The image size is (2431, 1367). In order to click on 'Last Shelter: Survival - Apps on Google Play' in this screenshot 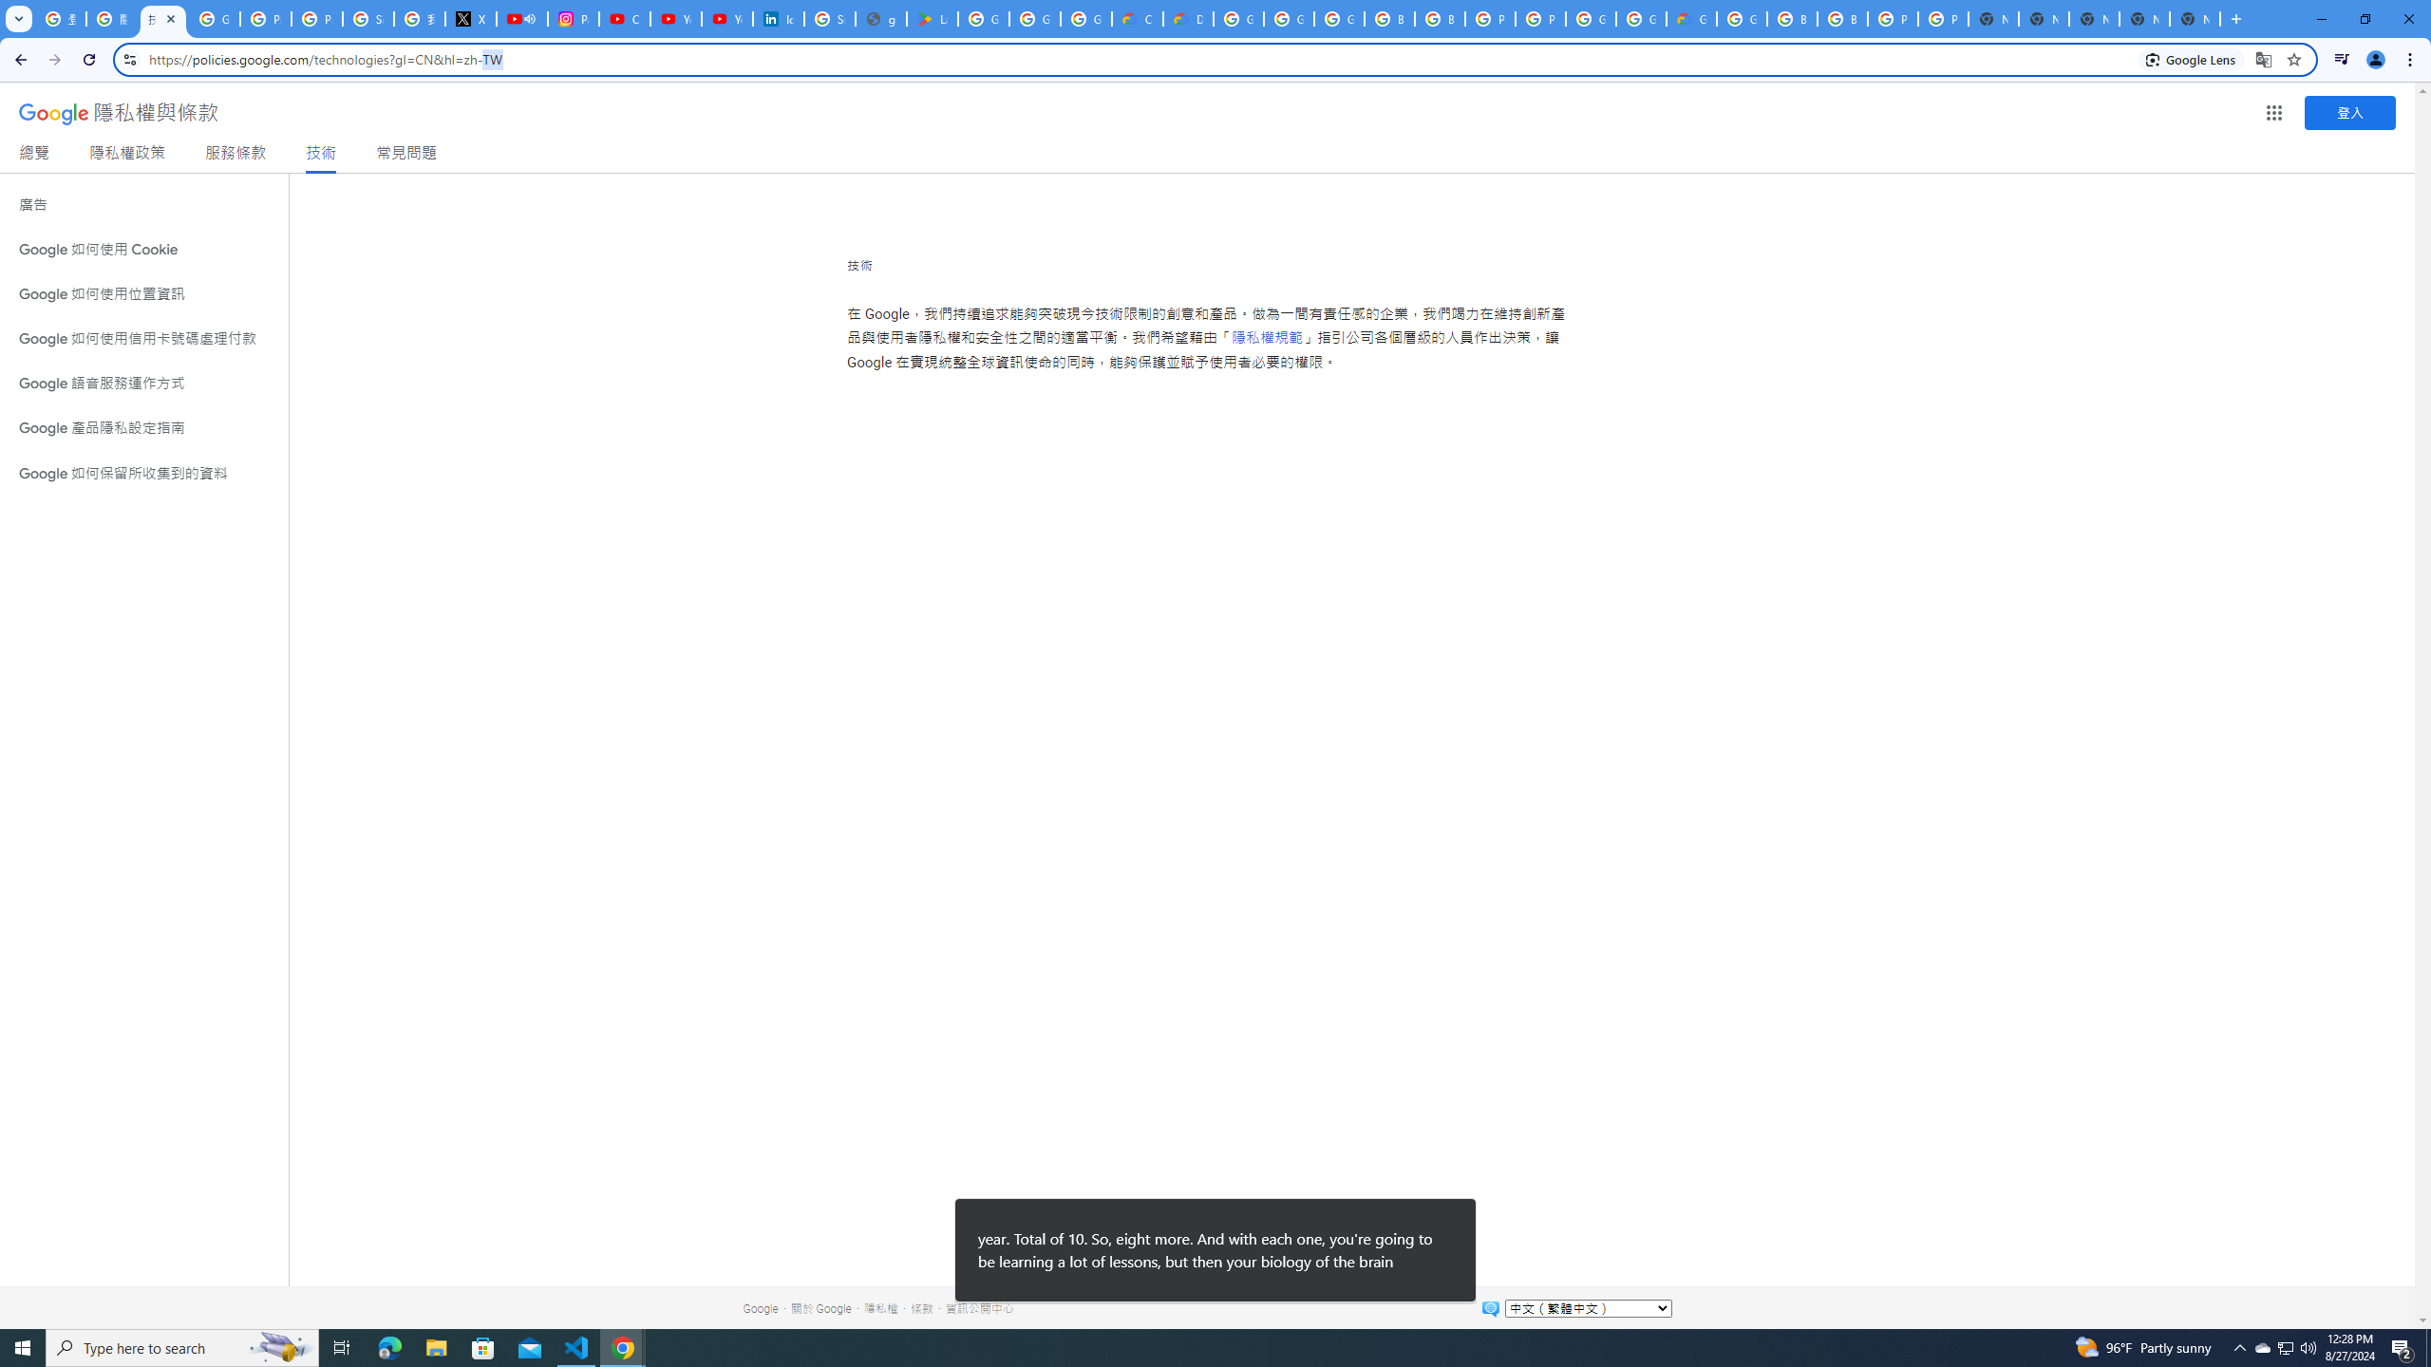, I will do `click(933, 18)`.